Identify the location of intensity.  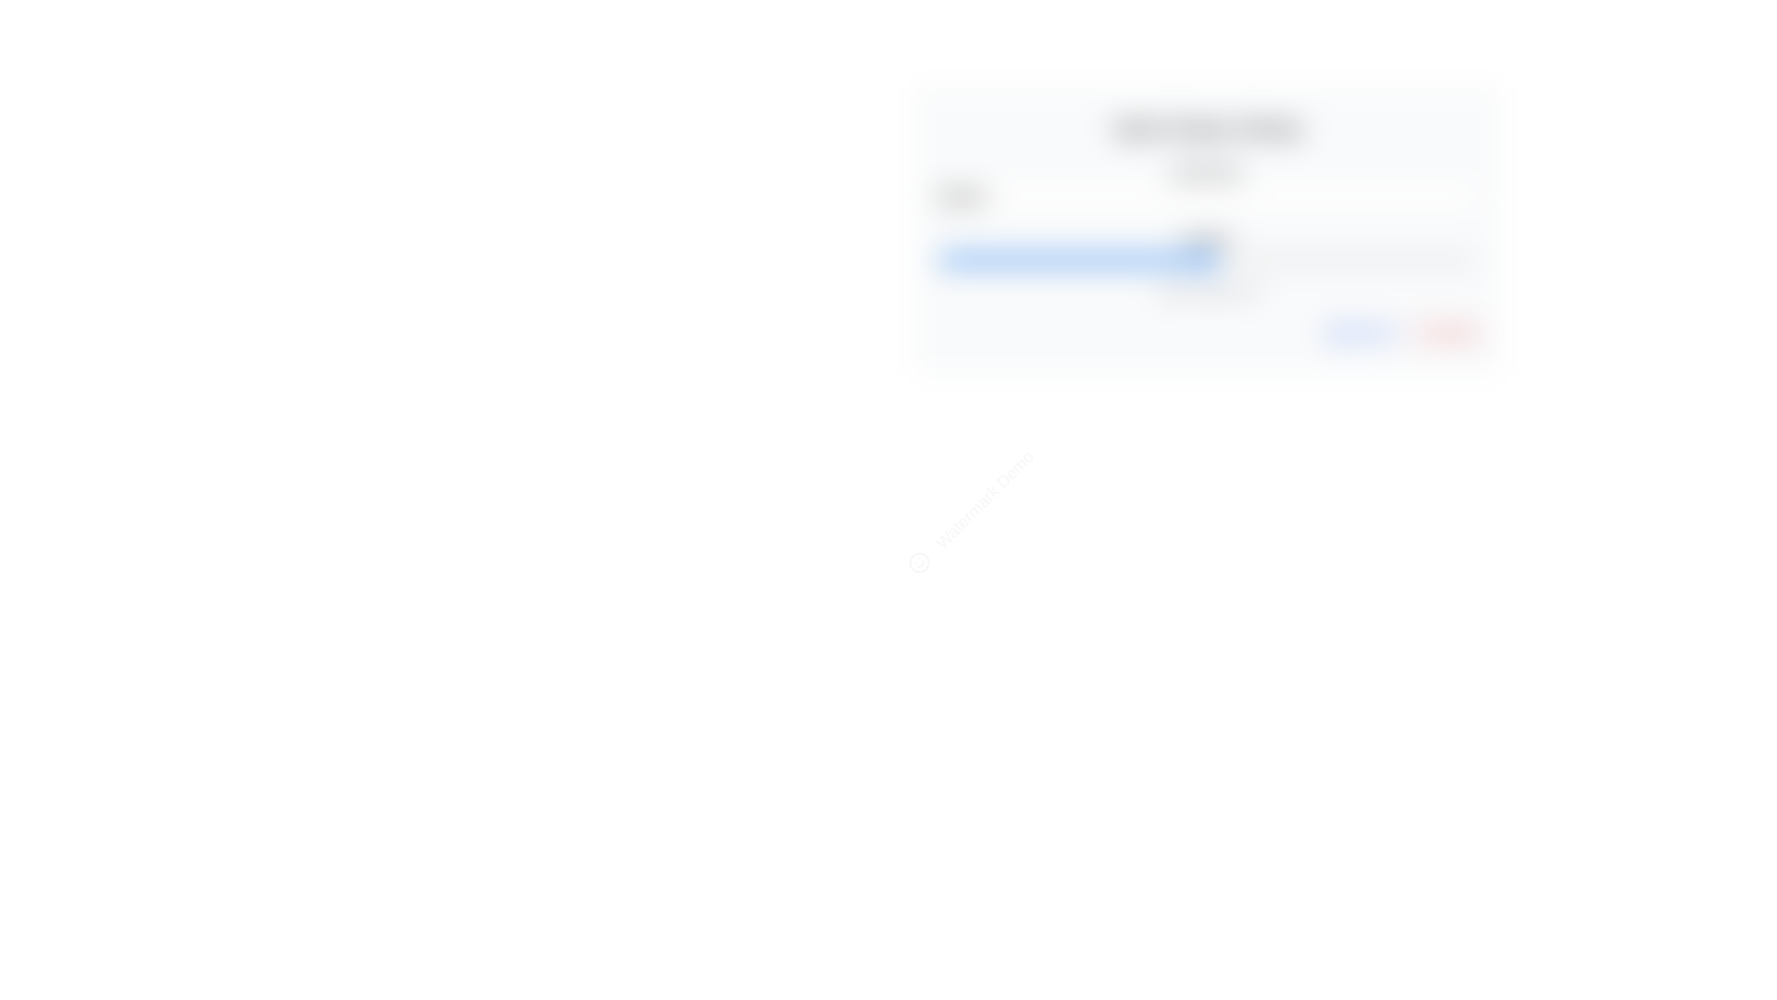
(1125, 260).